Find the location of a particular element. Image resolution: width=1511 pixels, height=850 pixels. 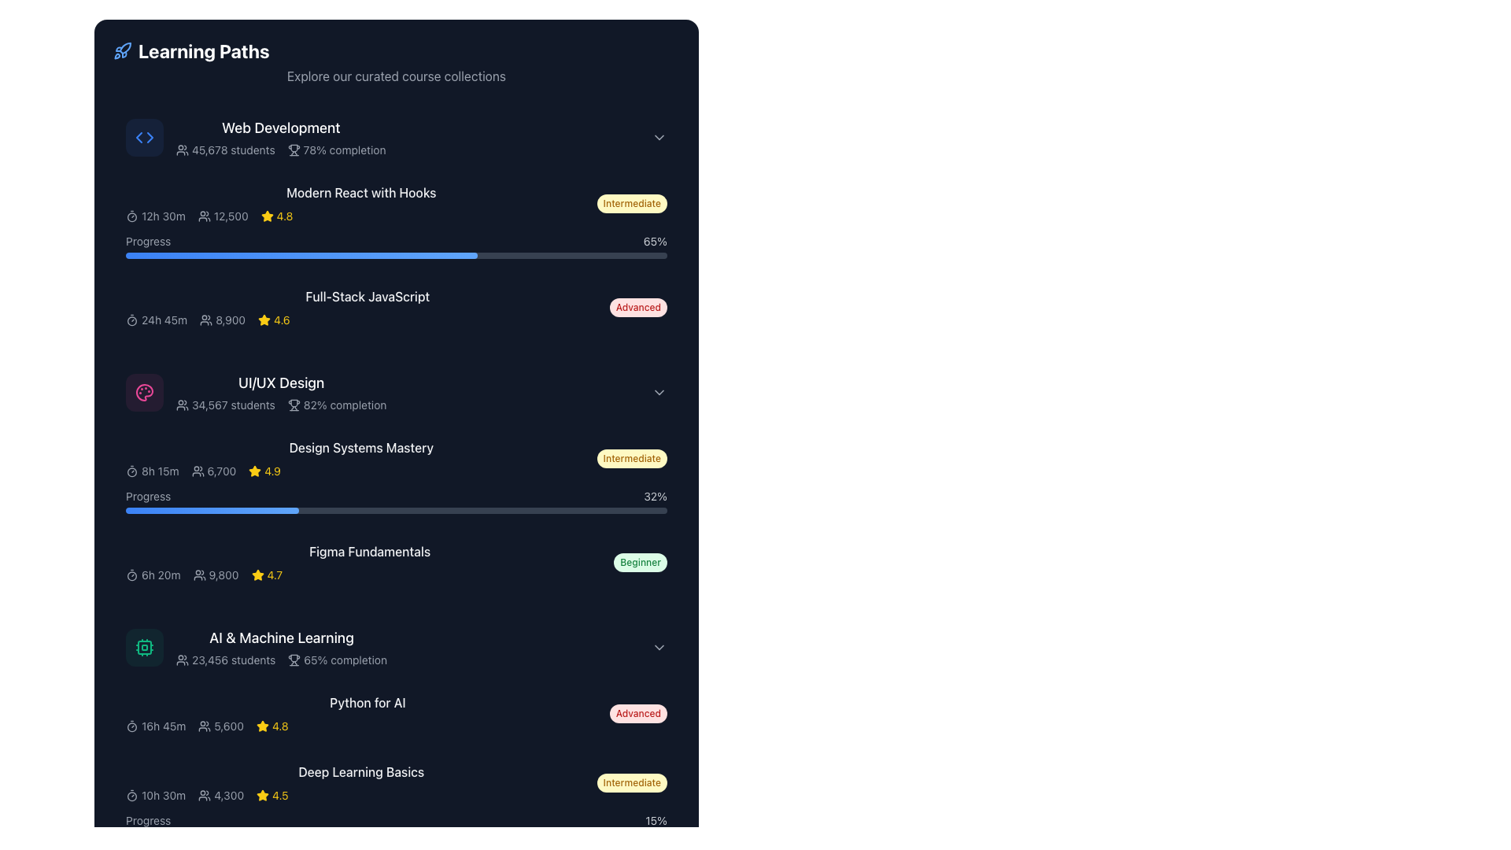

the SVG-based icon representing the duration of the 'Design Systems Mastery' course, located to the left of the text '8h 15m' is located at coordinates (132, 470).